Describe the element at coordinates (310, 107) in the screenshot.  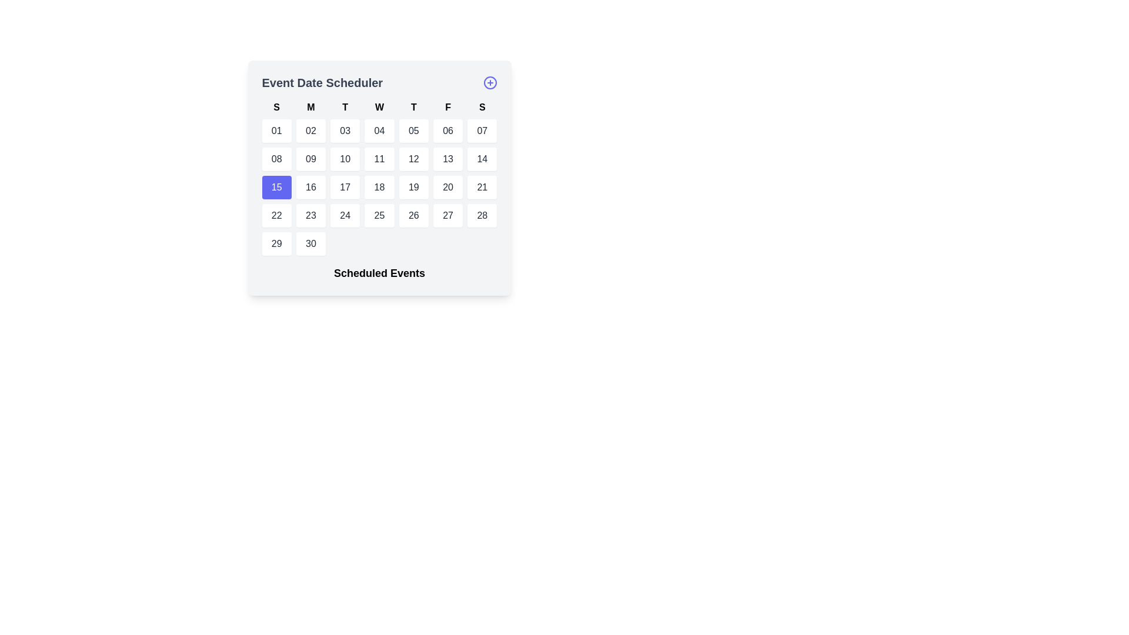
I see `the static text label 'M' which represents Monday in the calendar's weekly day header, located as the second cell in the topmost row of the grid layout` at that location.